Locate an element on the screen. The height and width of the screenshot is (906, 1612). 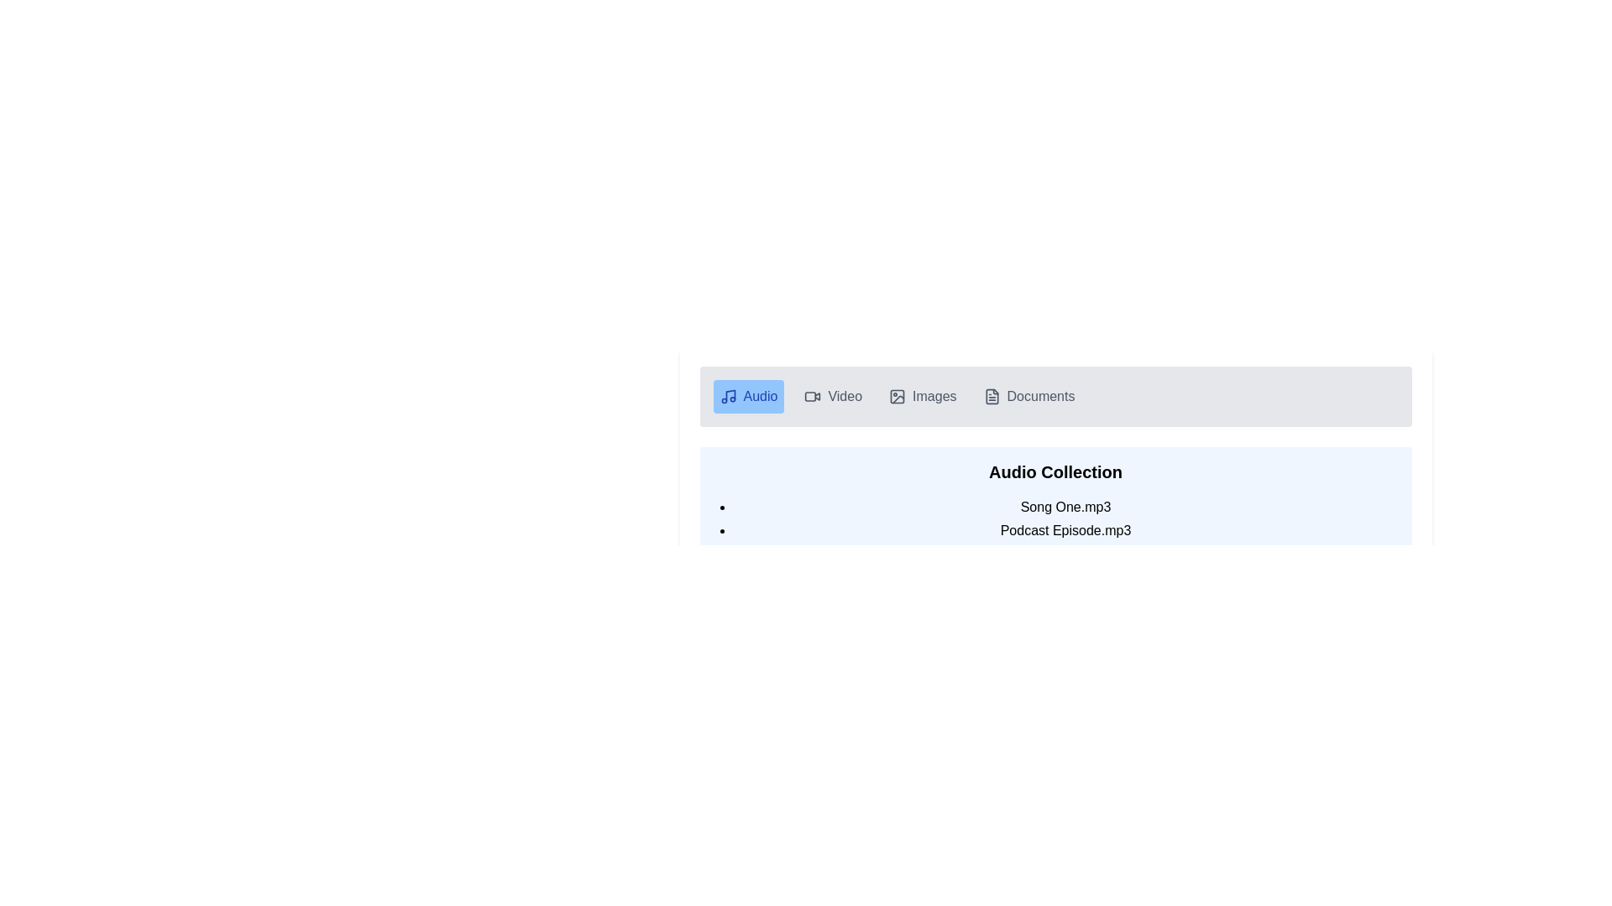
the text display representing the file name 'Song One.mp3', which is the first item in the vertical list within the 'Audio Collection' section is located at coordinates (1065, 507).